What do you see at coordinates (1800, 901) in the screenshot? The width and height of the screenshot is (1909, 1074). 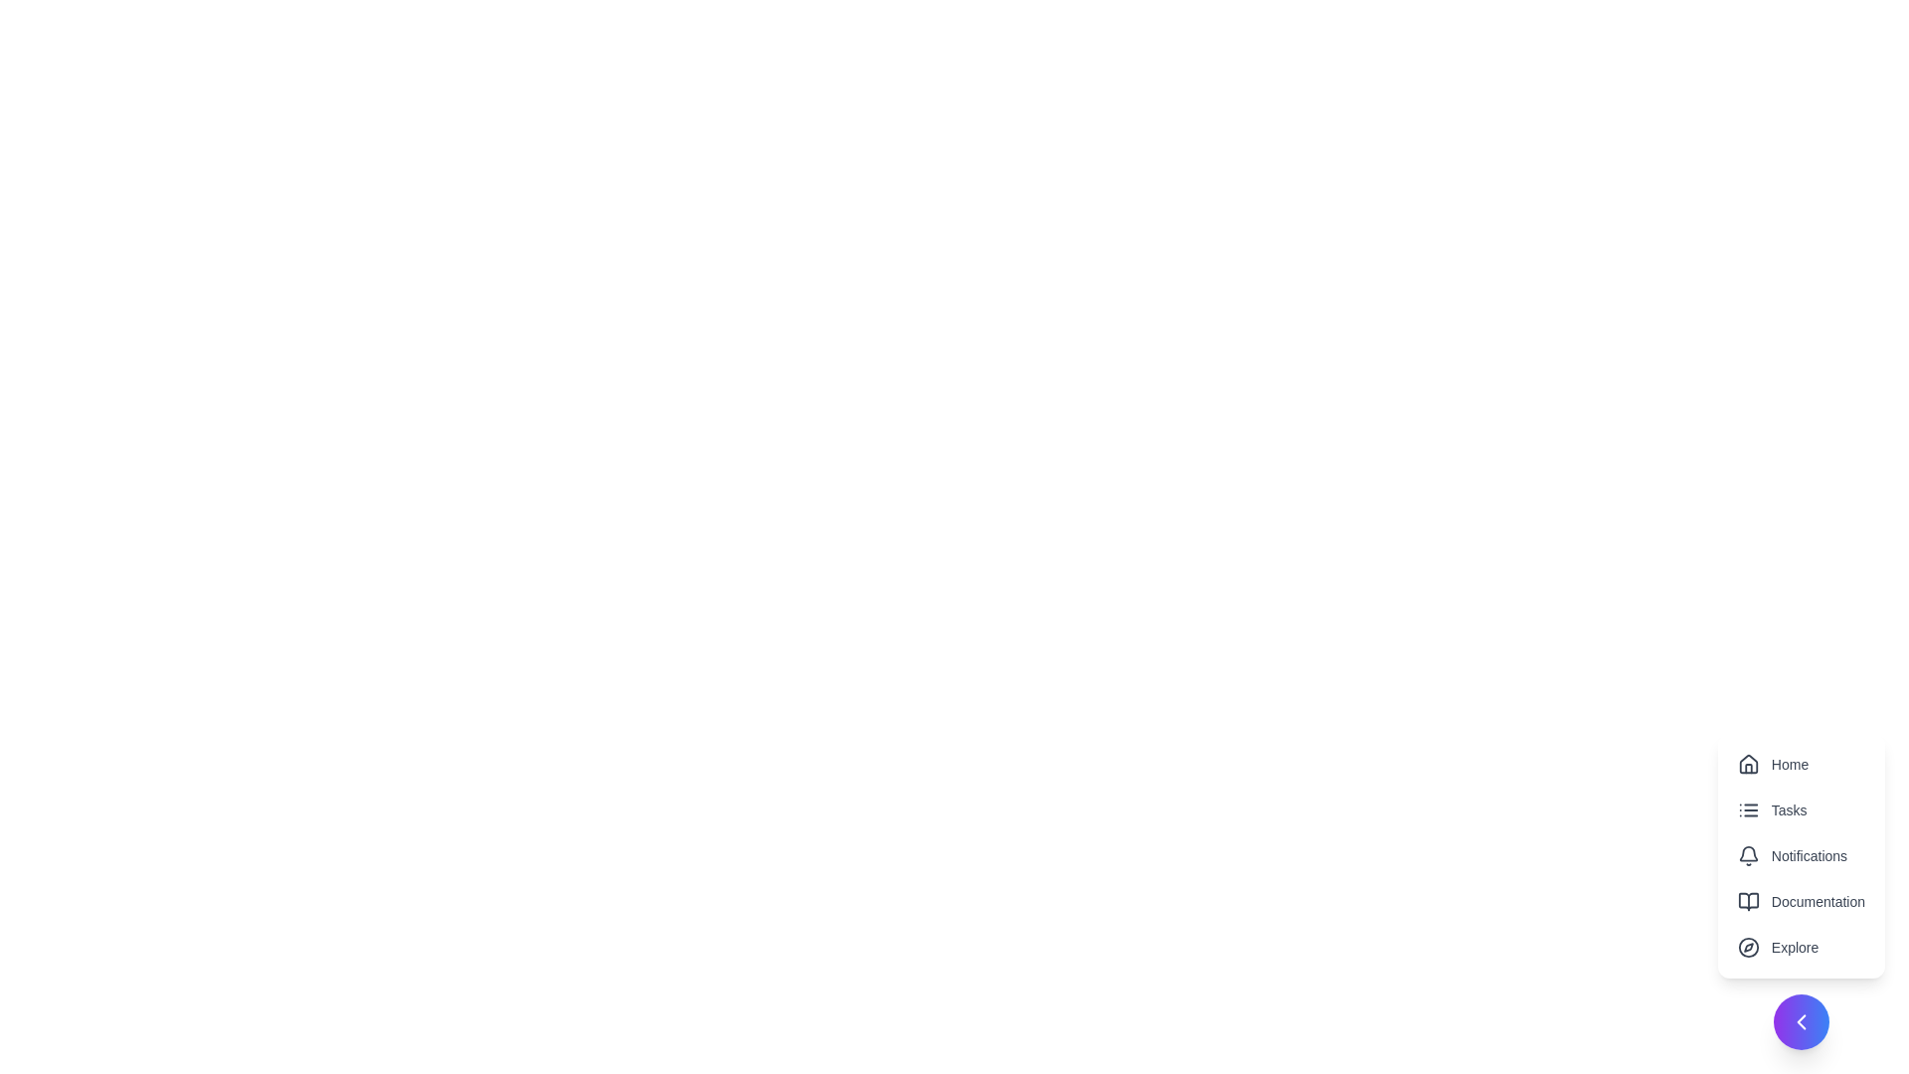 I see `the menu item labeled Documentation to observe its hover effect` at bounding box center [1800, 901].